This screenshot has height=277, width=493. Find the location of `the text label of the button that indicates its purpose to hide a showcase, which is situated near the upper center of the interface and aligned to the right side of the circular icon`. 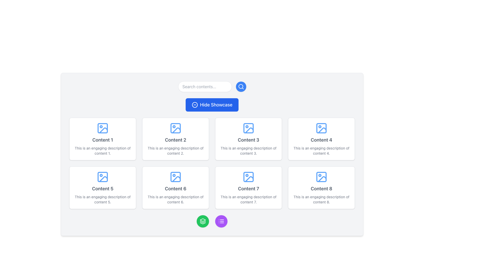

the text label of the button that indicates its purpose to hide a showcase, which is situated near the upper center of the interface and aligned to the right side of the circular icon is located at coordinates (216, 104).